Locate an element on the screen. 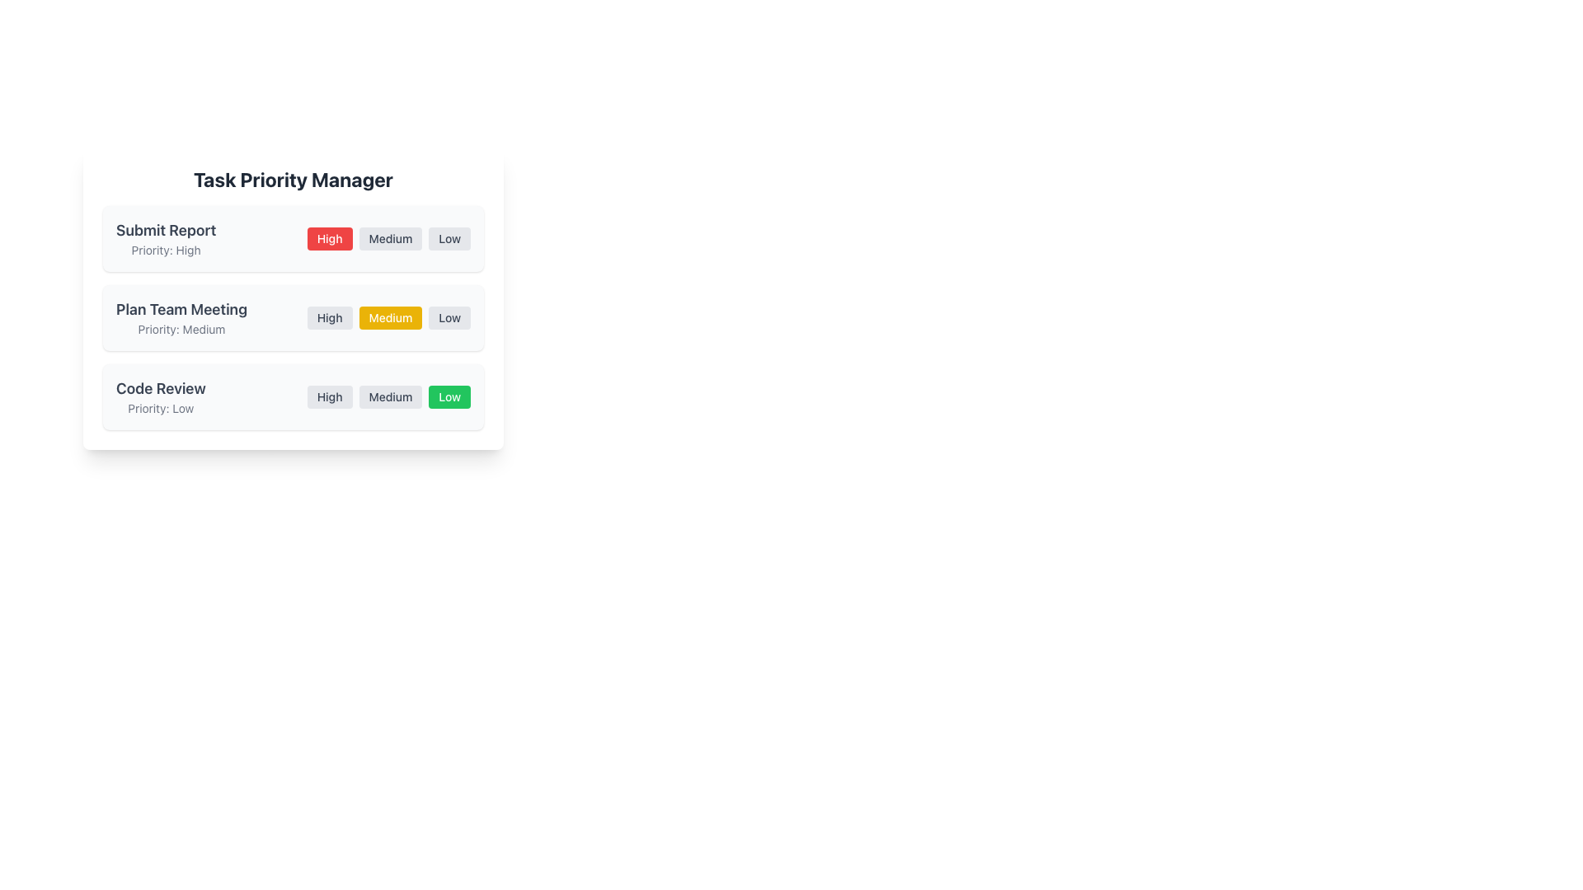 This screenshot has width=1583, height=890. the 'High' priority button located in the topmost group of priority level options, next to the 'Submit Report' task is located at coordinates (329, 238).